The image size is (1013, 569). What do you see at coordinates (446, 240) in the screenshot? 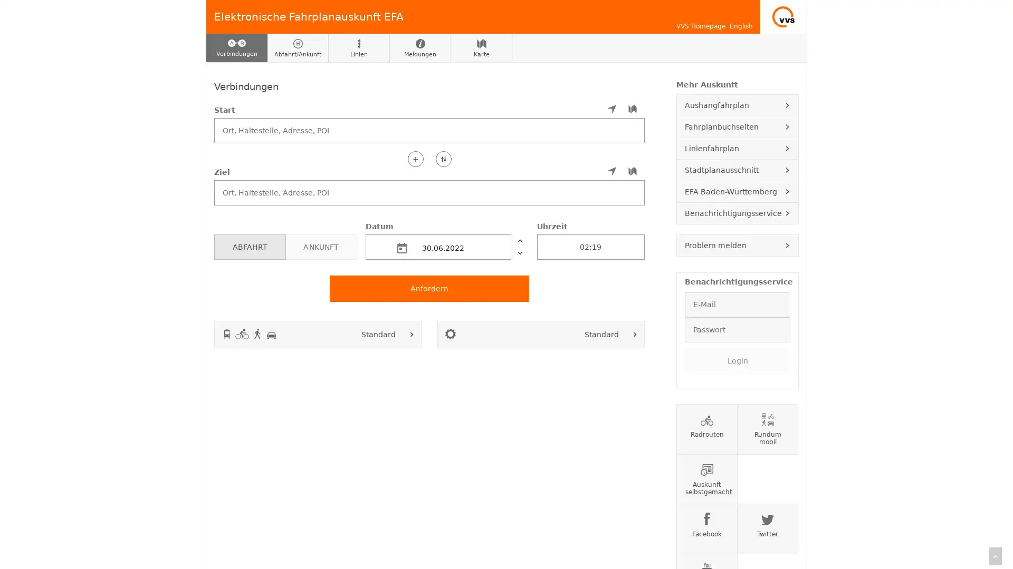
I see `Datum 30.06.2022 vorher nachher` at bounding box center [446, 240].